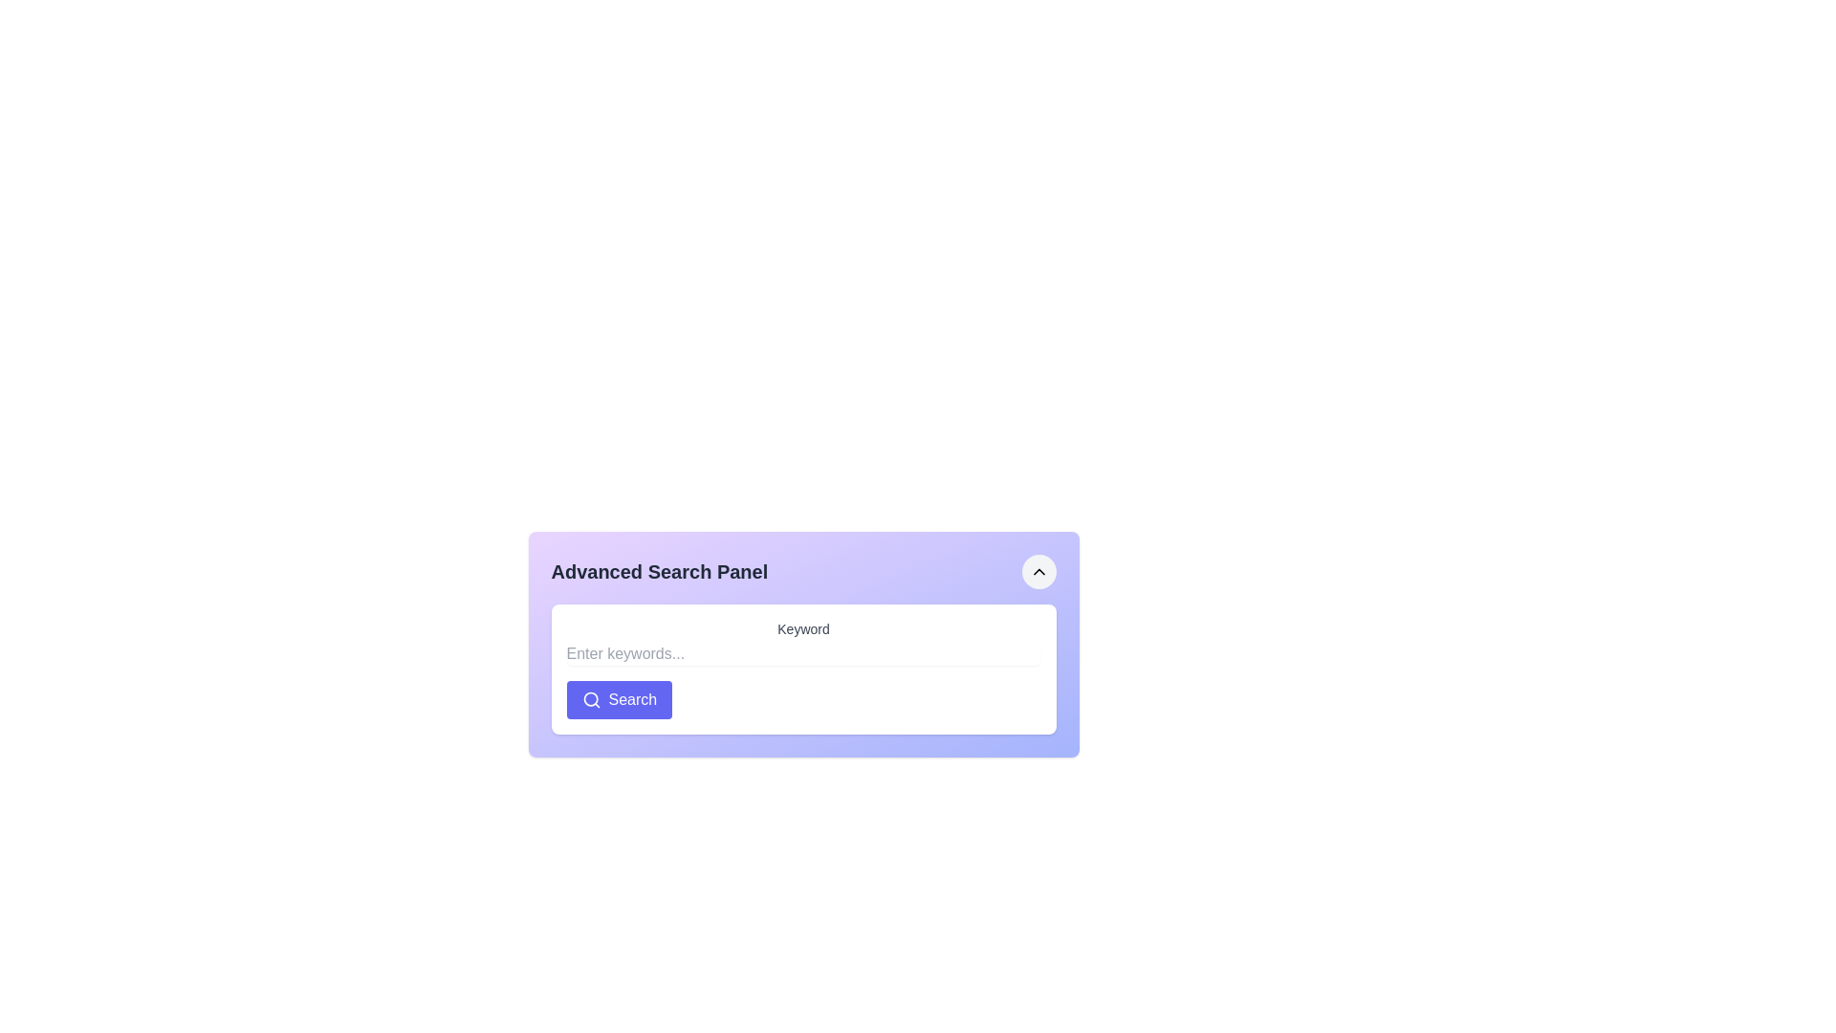 The image size is (1836, 1033). I want to click on the search icon located on the left side of the 'Search' button, which is positioned below a text box in the advanced search panel, so click(590, 700).